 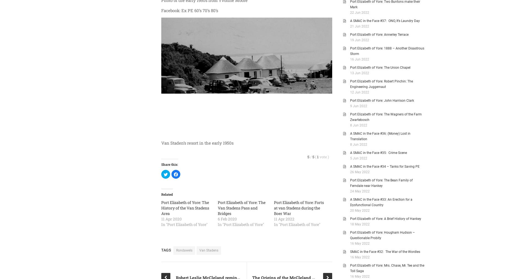 What do you see at coordinates (350, 172) in the screenshot?
I see `'26 May 2022'` at bounding box center [350, 172].